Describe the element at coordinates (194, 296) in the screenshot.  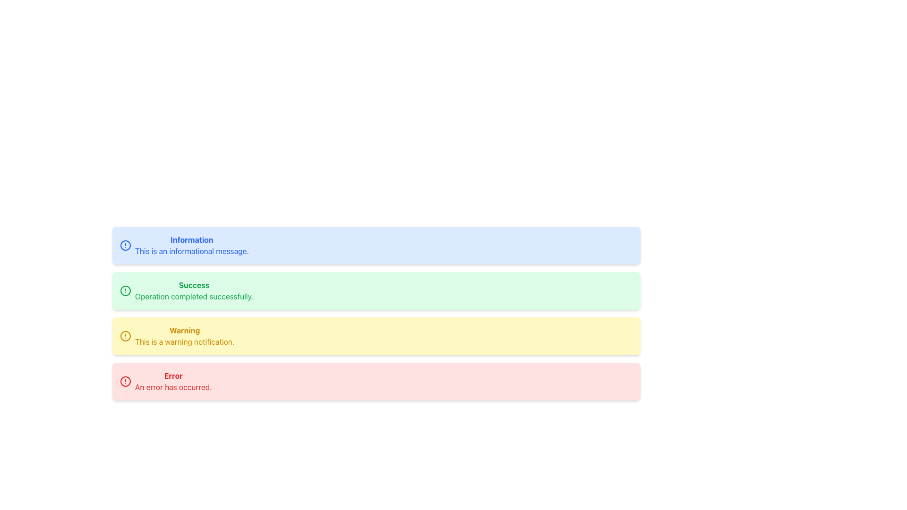
I see `confirmation message text from the Text Label located below the 'Success' header in the green notification box` at that location.